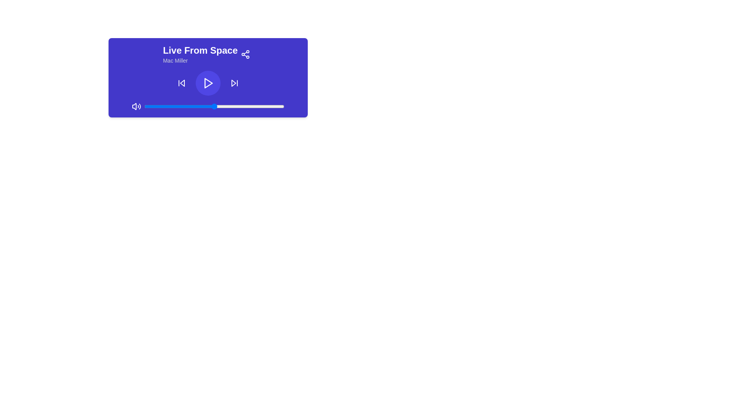 The image size is (747, 420). What do you see at coordinates (208, 83) in the screenshot?
I see `the Play button icon located centrally within its circular button` at bounding box center [208, 83].